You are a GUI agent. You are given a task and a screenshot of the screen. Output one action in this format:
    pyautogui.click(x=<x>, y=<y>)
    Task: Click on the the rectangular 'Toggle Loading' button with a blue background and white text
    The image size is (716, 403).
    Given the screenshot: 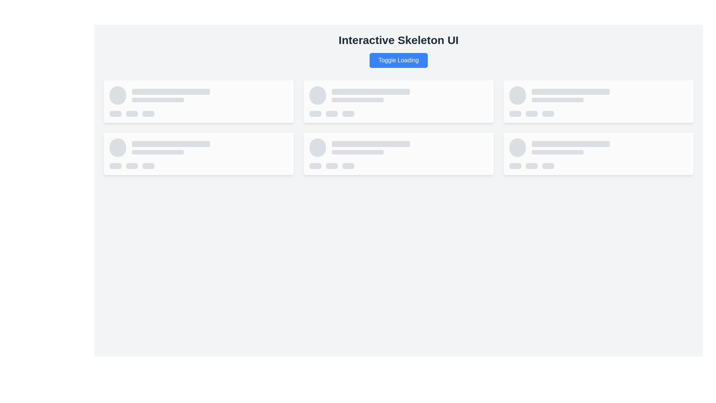 What is the action you would take?
    pyautogui.click(x=398, y=60)
    